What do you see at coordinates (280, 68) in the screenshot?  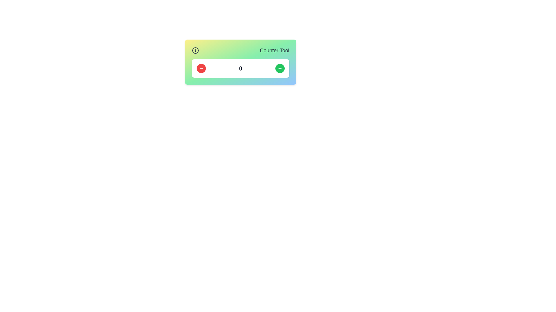 I see `the increment button located at the top-right corner of the 'Counter Tool' section to prepare for keyboard interaction` at bounding box center [280, 68].